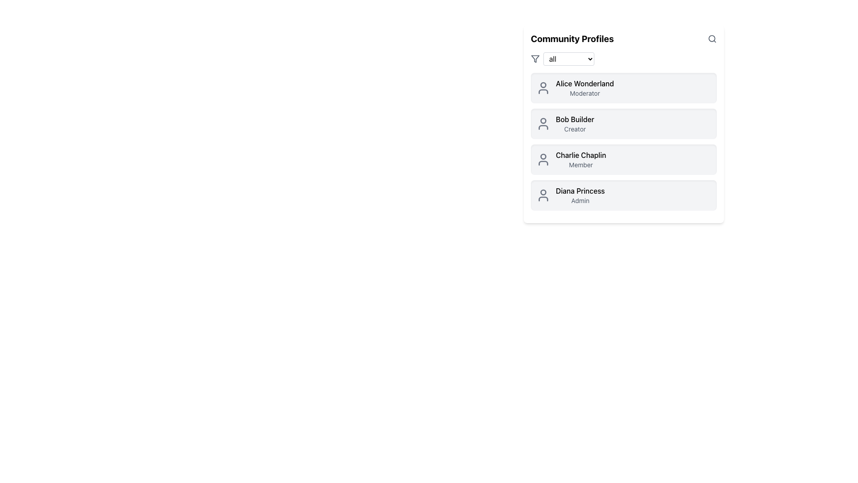 The width and height of the screenshot is (858, 483). What do you see at coordinates (623, 124) in the screenshot?
I see `the user's profile card in the second position of the list` at bounding box center [623, 124].